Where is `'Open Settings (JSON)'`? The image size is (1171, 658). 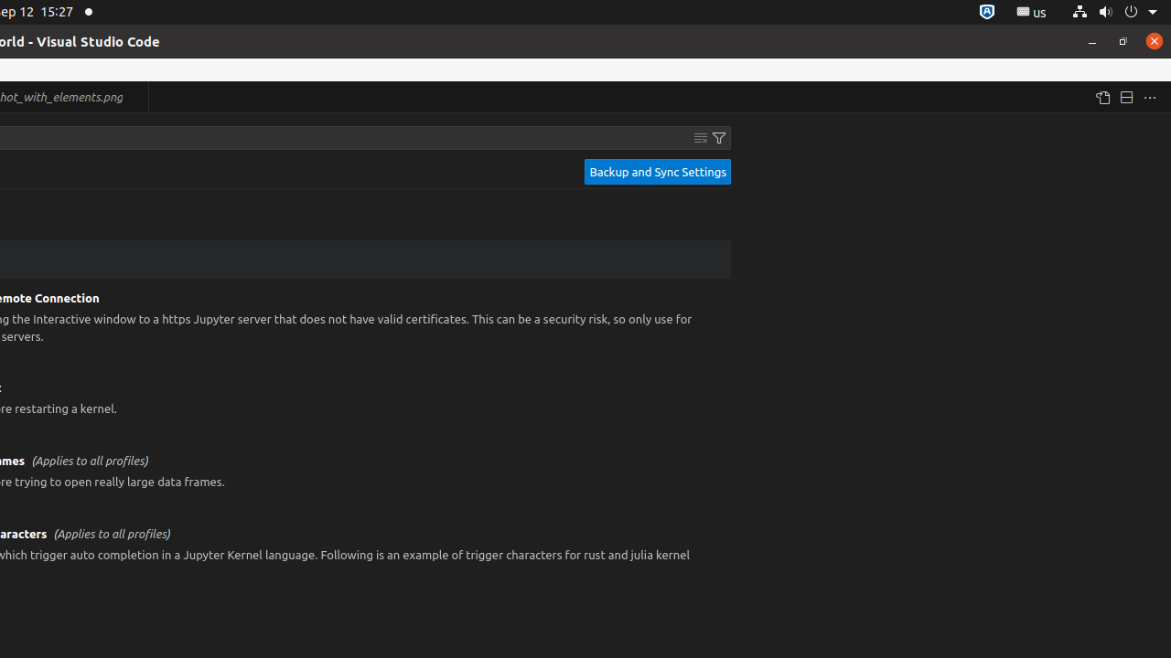
'Open Settings (JSON)' is located at coordinates (1101, 97).